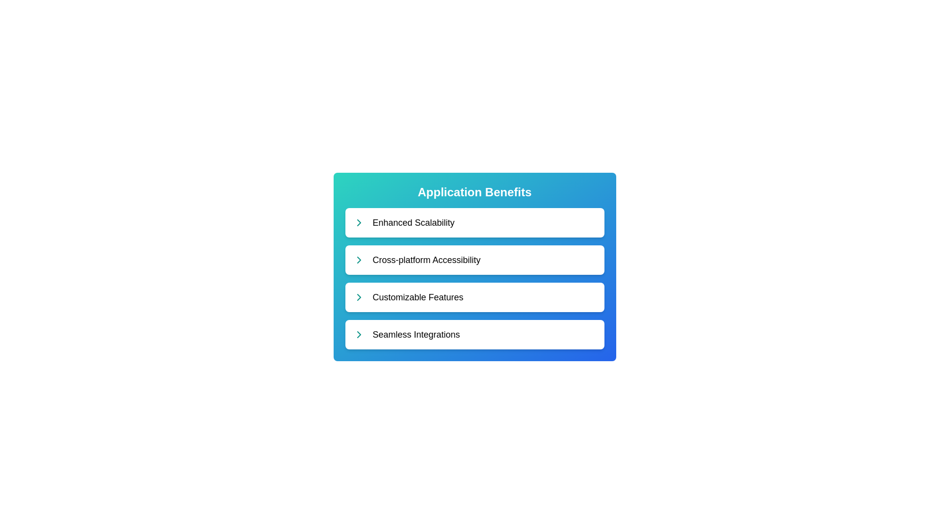  I want to click on the teal chevron icon located to the left of the text 'Enhanced Scalability', so click(358, 223).